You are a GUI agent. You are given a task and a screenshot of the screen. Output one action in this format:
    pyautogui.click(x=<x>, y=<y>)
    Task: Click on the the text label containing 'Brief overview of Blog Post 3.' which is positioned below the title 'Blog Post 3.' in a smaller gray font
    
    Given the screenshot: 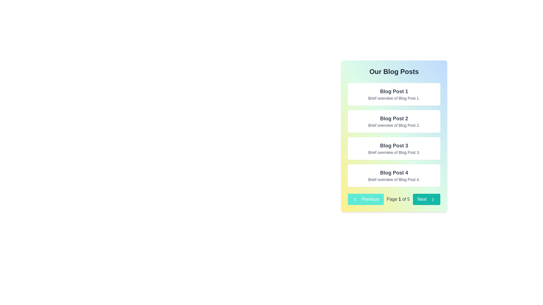 What is the action you would take?
    pyautogui.click(x=394, y=152)
    